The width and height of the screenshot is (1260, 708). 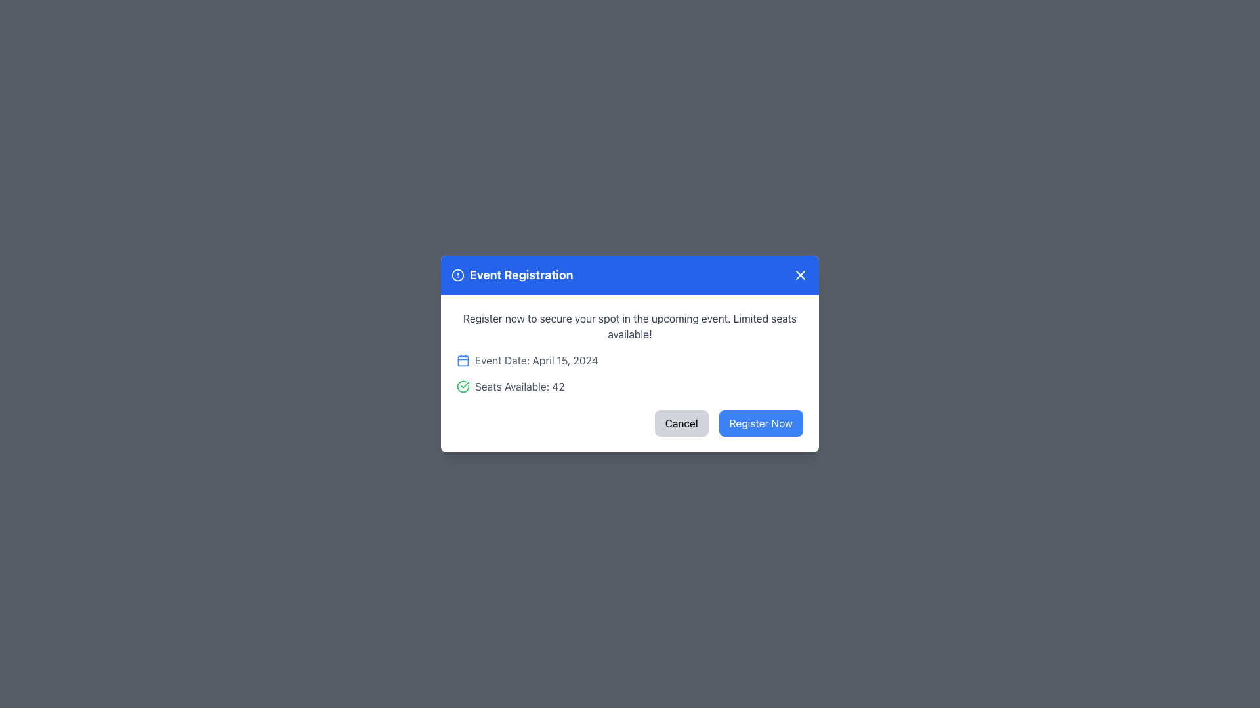 What do you see at coordinates (630, 325) in the screenshot?
I see `text block displaying the message 'Register now to secure your spot in the upcoming event. Limited seats available!' located in the modal dialog titled 'Event Registration'` at bounding box center [630, 325].